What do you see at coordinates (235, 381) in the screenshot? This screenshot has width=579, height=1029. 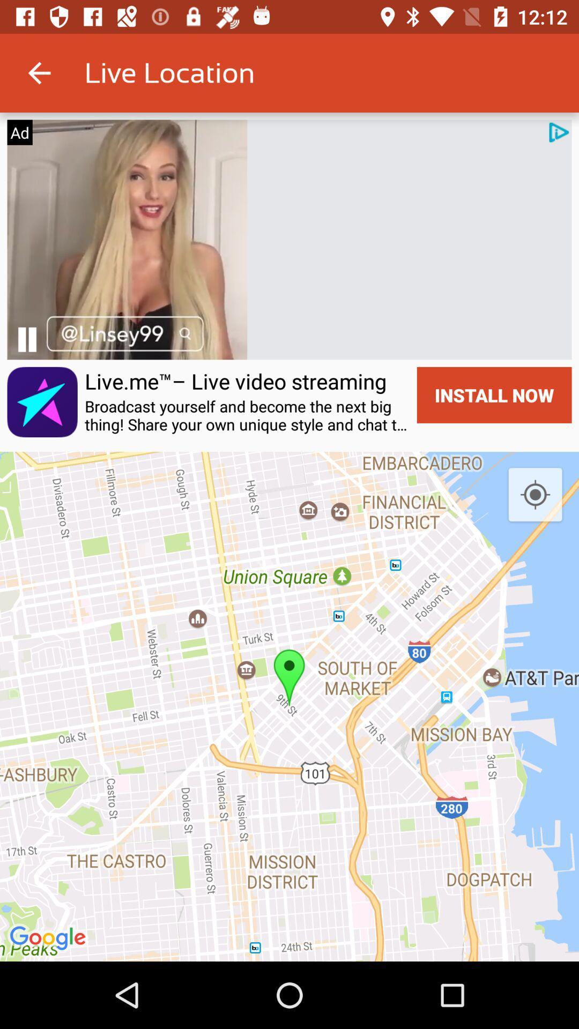 I see `the live me live` at bounding box center [235, 381].